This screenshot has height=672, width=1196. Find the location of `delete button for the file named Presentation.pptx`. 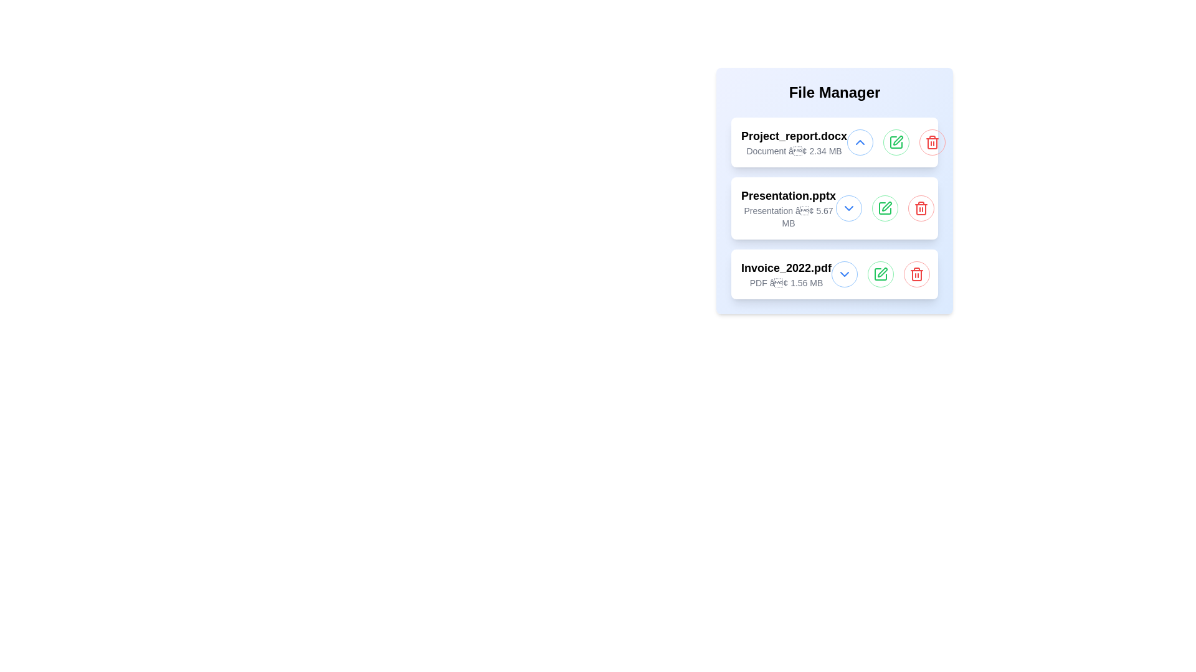

delete button for the file named Presentation.pptx is located at coordinates (921, 208).